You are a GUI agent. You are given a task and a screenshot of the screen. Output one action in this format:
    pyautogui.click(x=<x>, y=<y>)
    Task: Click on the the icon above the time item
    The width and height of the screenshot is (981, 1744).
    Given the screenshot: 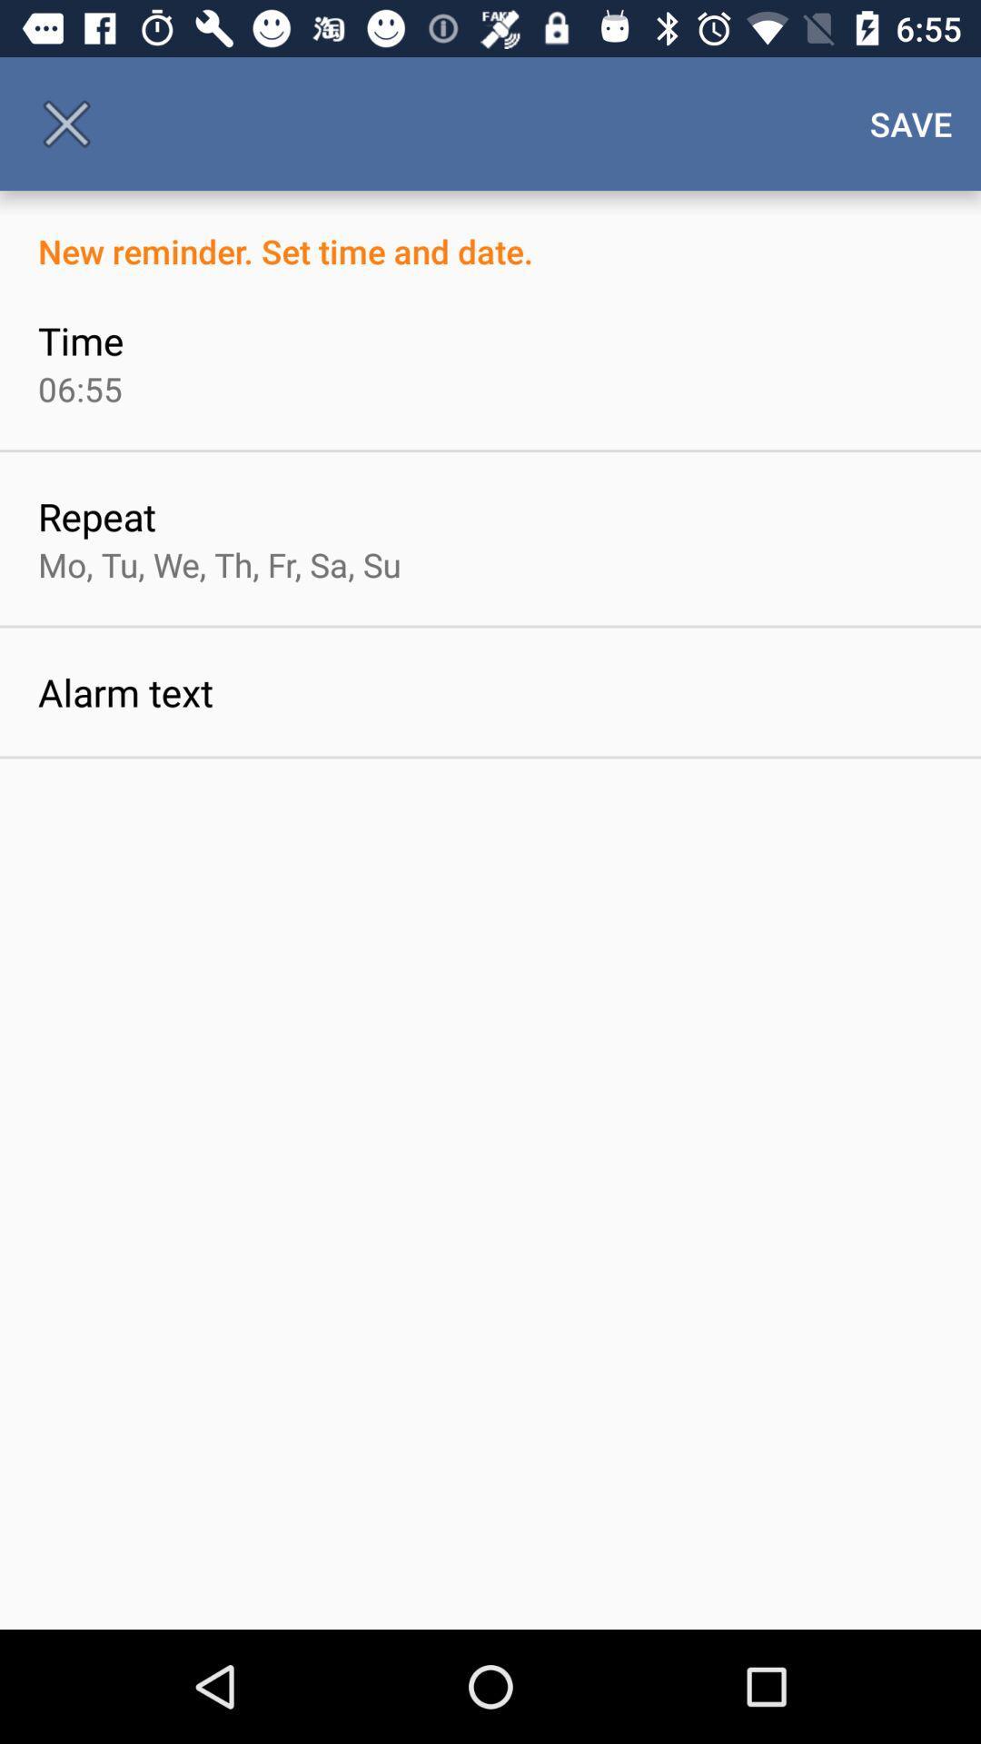 What is the action you would take?
    pyautogui.click(x=490, y=231)
    